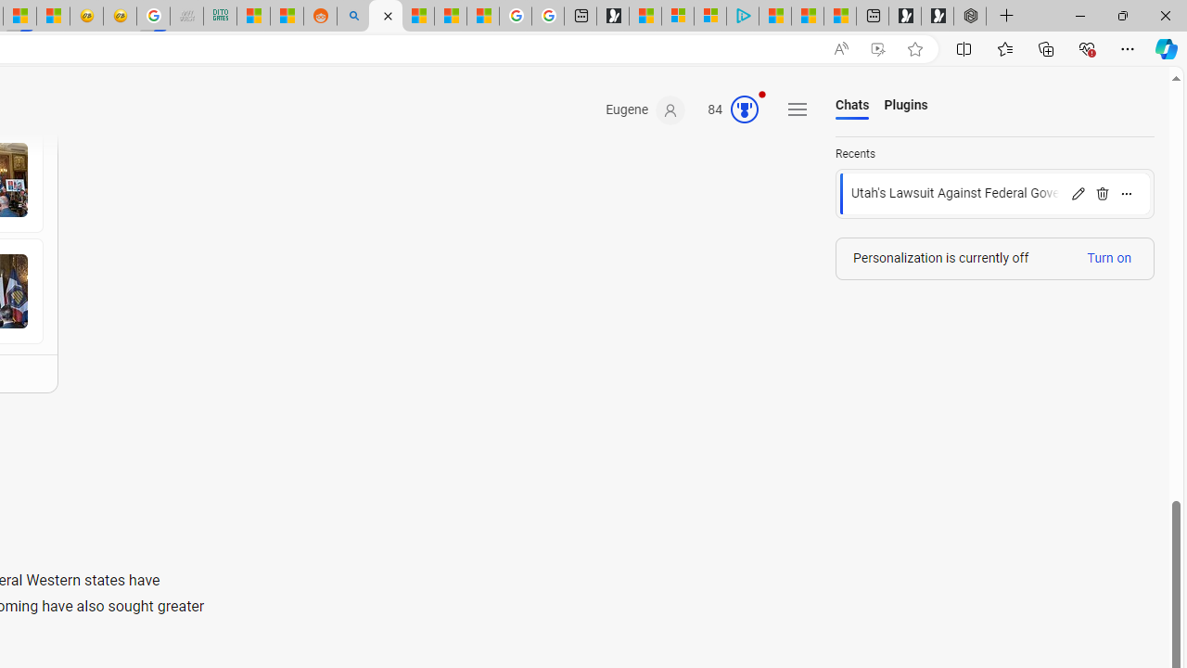 The height and width of the screenshot is (668, 1187). Describe the element at coordinates (851, 106) in the screenshot. I see `'Chats'` at that location.